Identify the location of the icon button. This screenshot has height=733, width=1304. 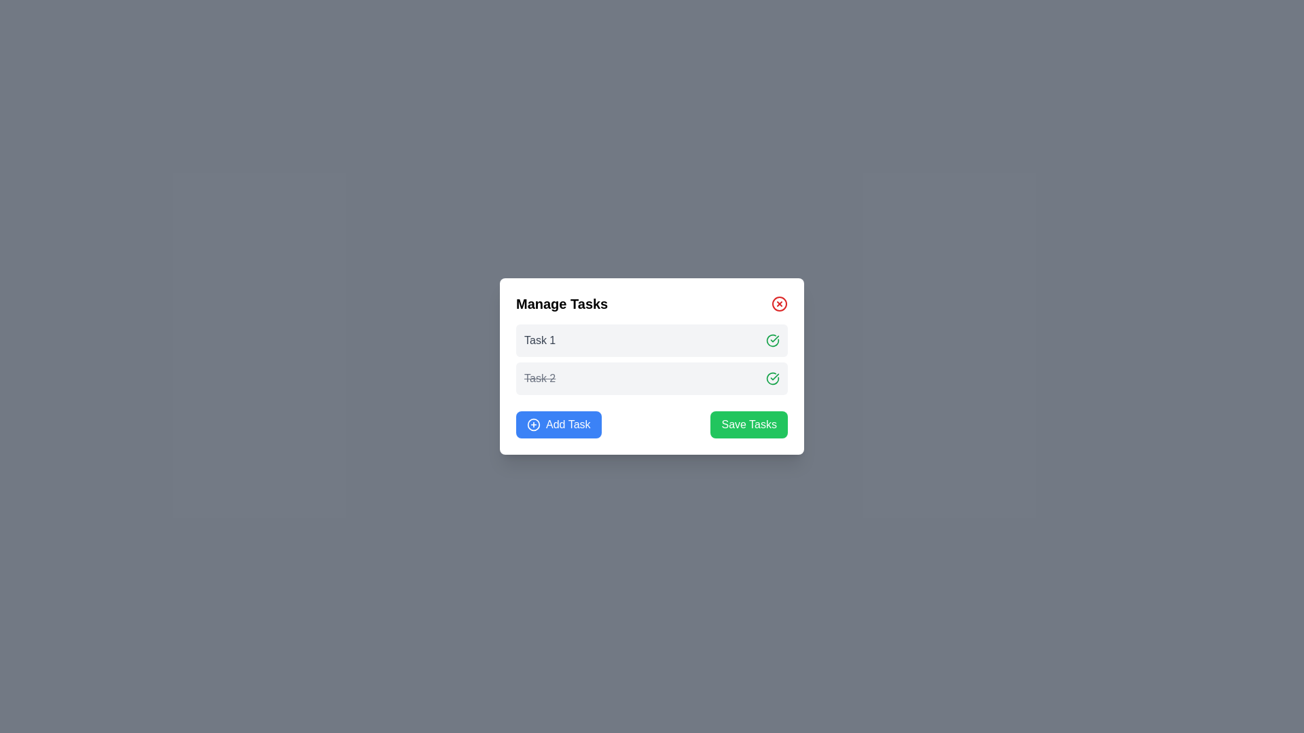
(772, 379).